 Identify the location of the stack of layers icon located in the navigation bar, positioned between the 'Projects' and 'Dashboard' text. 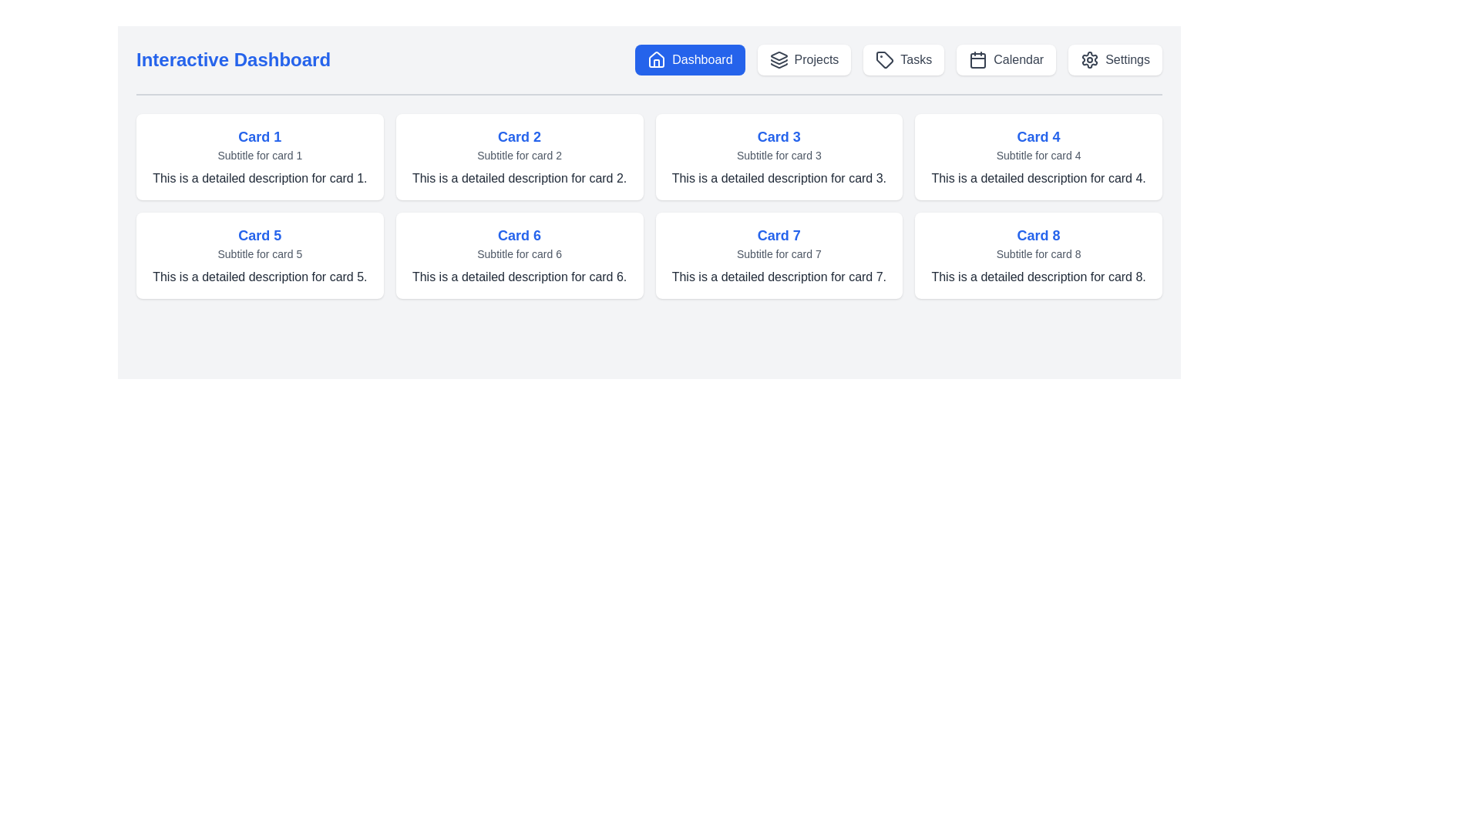
(779, 59).